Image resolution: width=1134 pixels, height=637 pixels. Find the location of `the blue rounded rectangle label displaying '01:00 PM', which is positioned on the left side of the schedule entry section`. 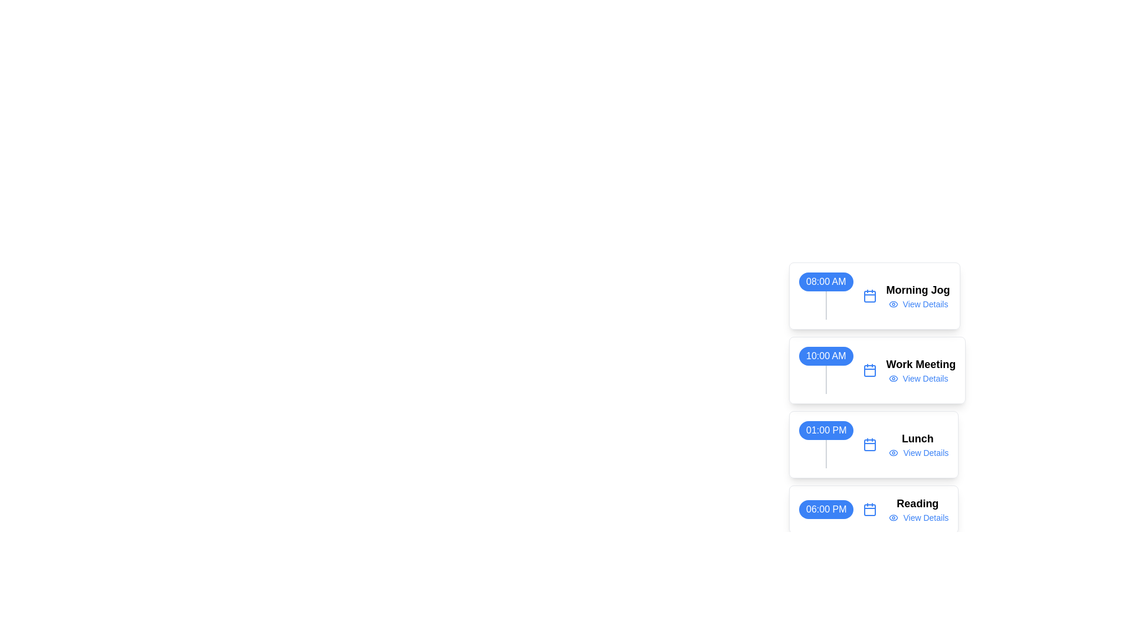

the blue rounded rectangle label displaying '01:00 PM', which is positioned on the left side of the schedule entry section is located at coordinates (826, 444).